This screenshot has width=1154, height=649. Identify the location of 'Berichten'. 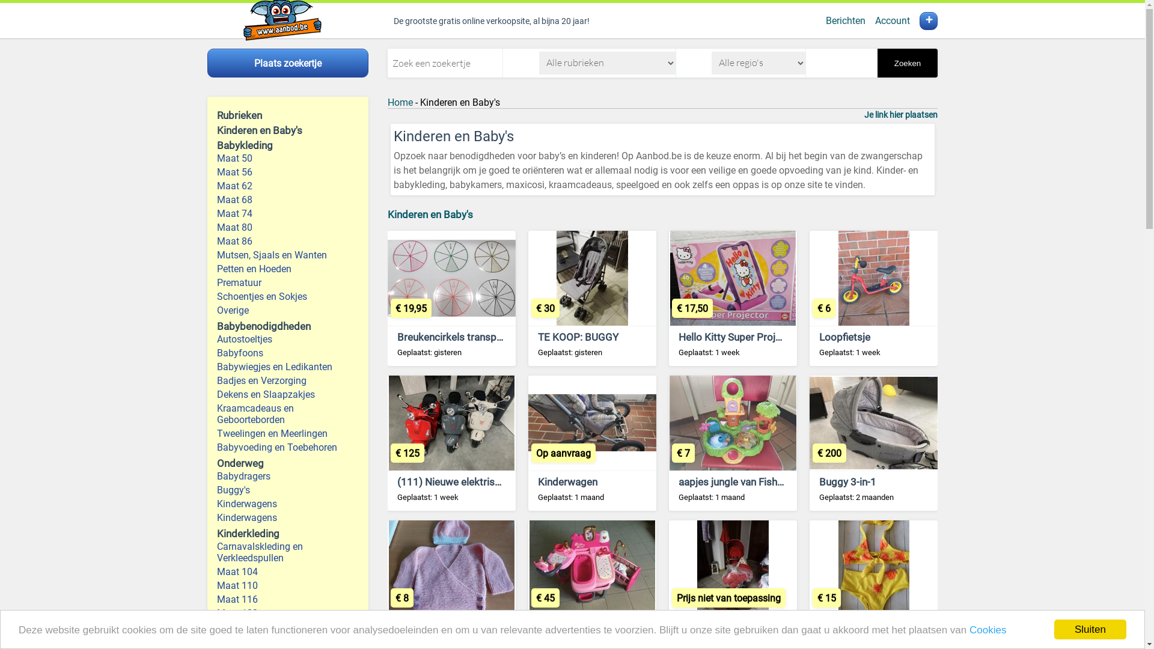
(844, 20).